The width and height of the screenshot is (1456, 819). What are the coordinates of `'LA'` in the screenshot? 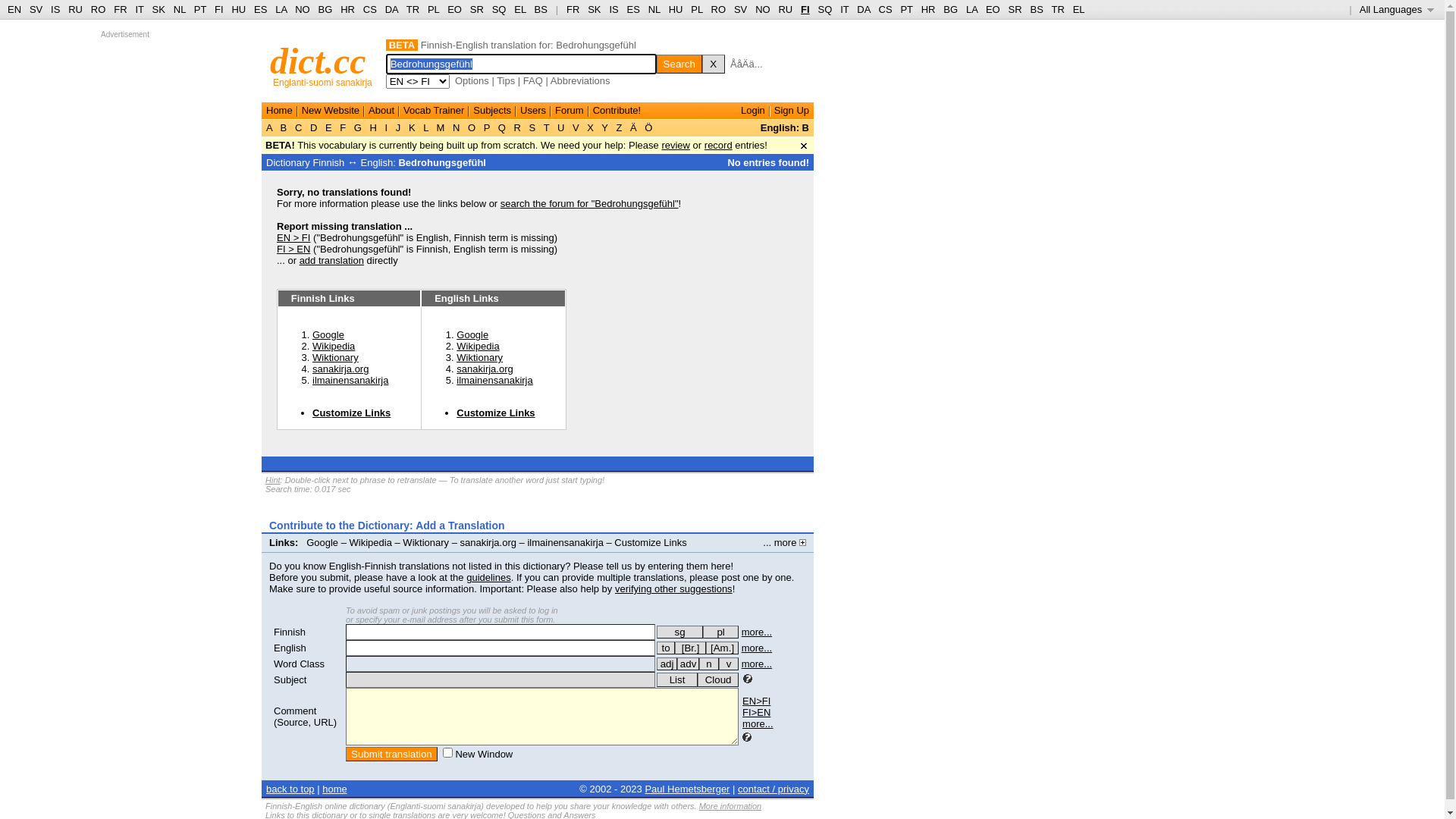 It's located at (965, 9).